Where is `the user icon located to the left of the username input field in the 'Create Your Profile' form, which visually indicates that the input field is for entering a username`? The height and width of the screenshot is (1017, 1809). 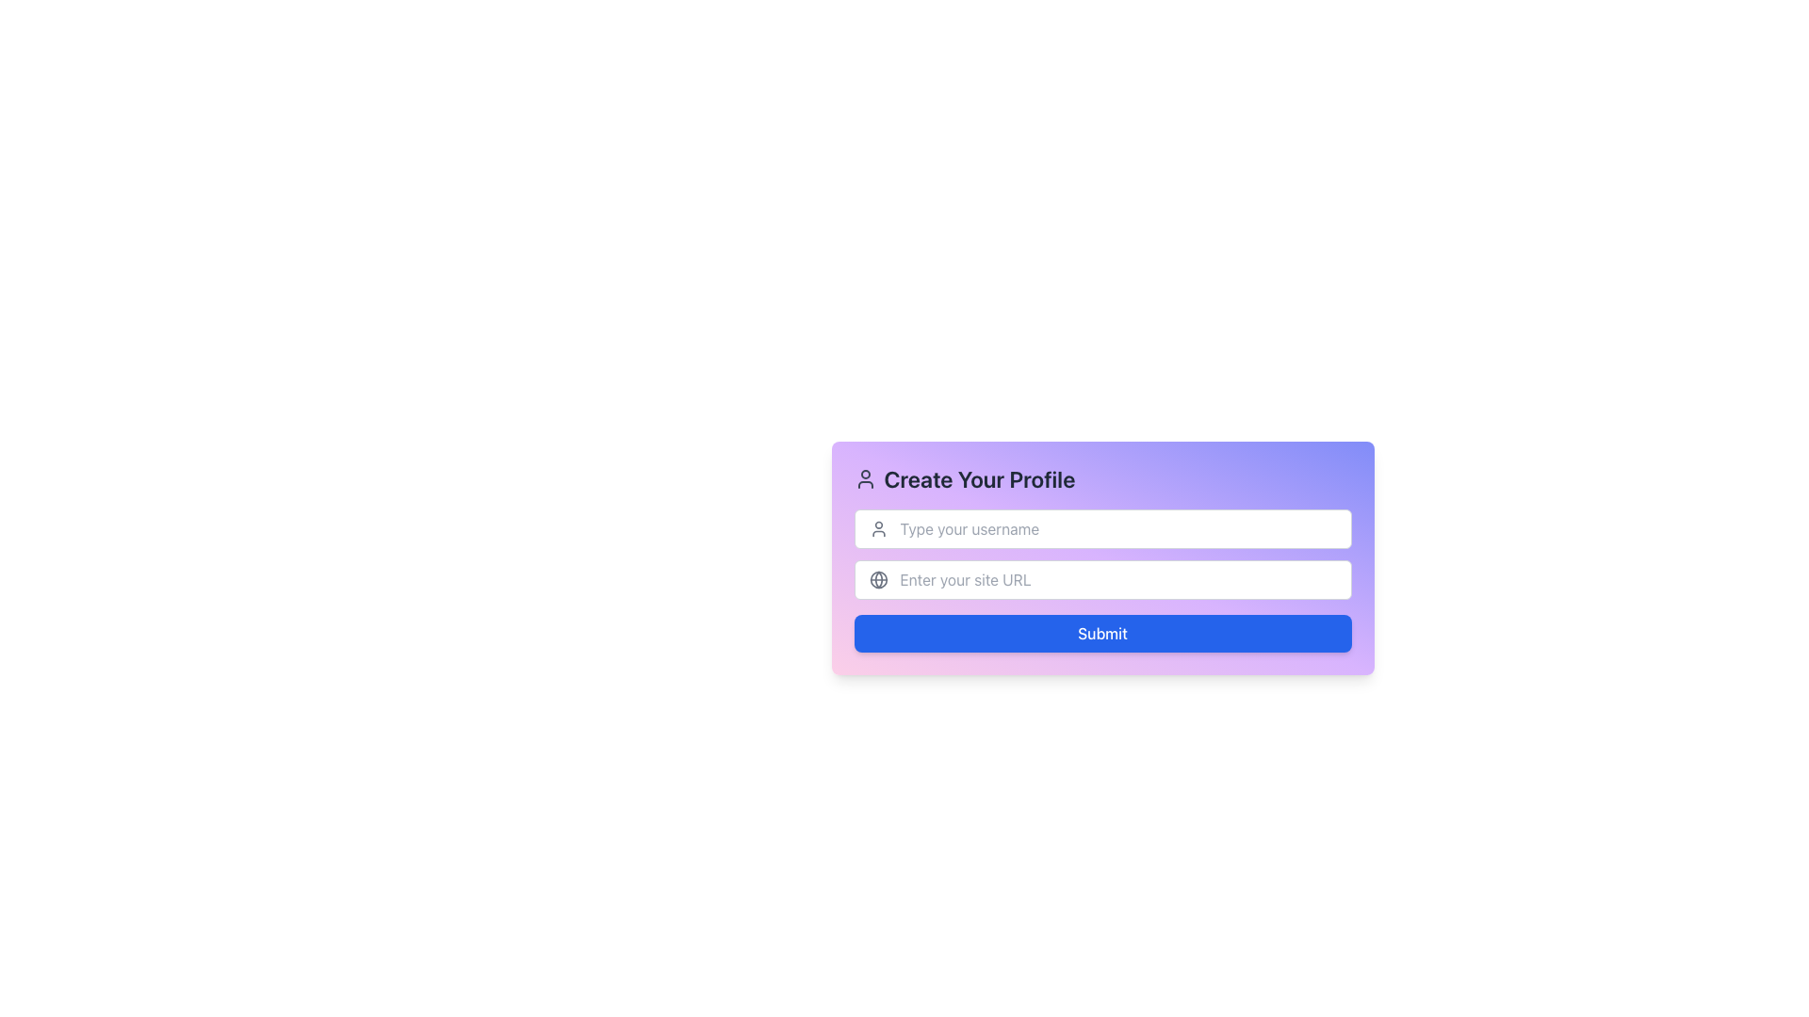 the user icon located to the left of the username input field in the 'Create Your Profile' form, which visually indicates that the input field is for entering a username is located at coordinates (877, 529).